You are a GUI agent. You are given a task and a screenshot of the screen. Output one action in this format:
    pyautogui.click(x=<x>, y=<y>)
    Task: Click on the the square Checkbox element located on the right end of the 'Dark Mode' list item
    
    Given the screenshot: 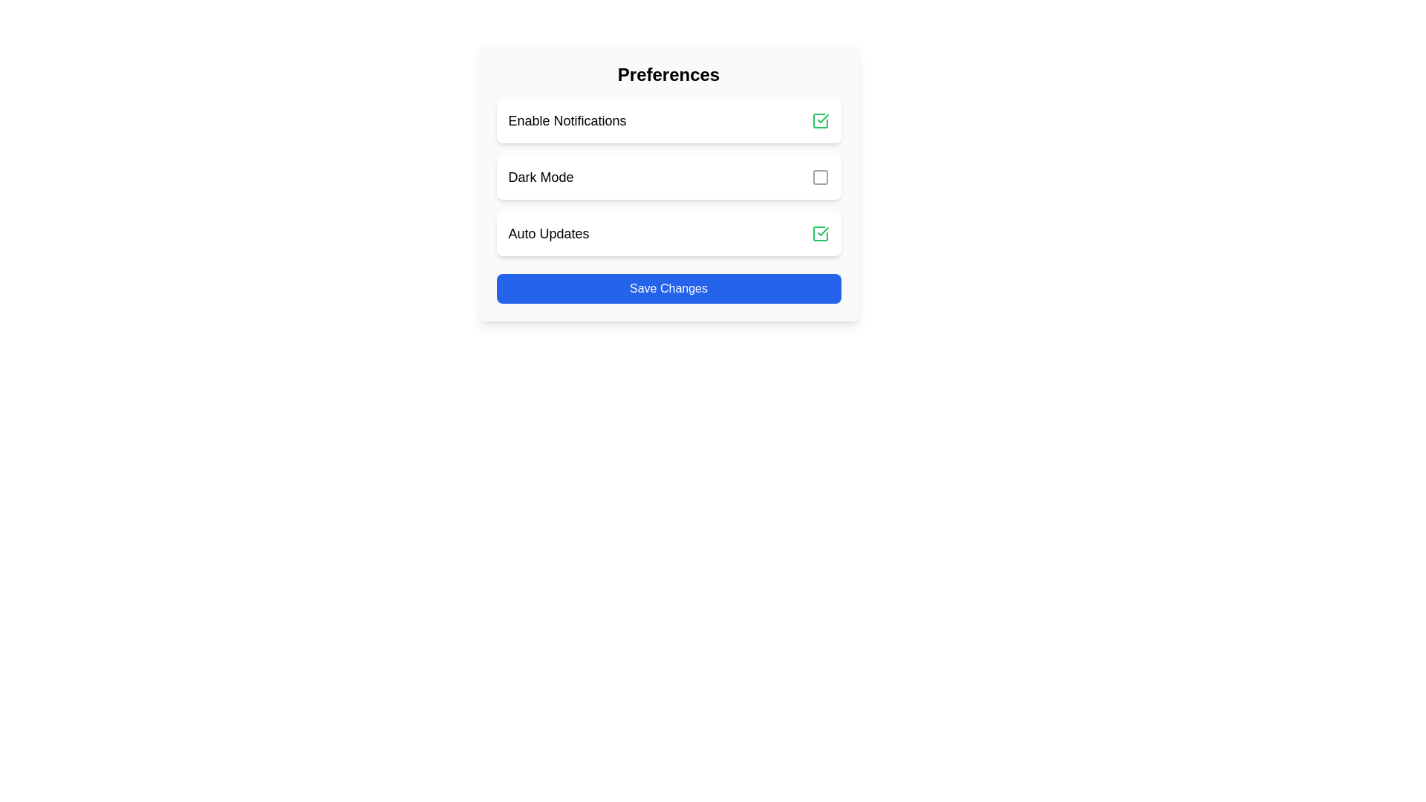 What is the action you would take?
    pyautogui.click(x=819, y=177)
    